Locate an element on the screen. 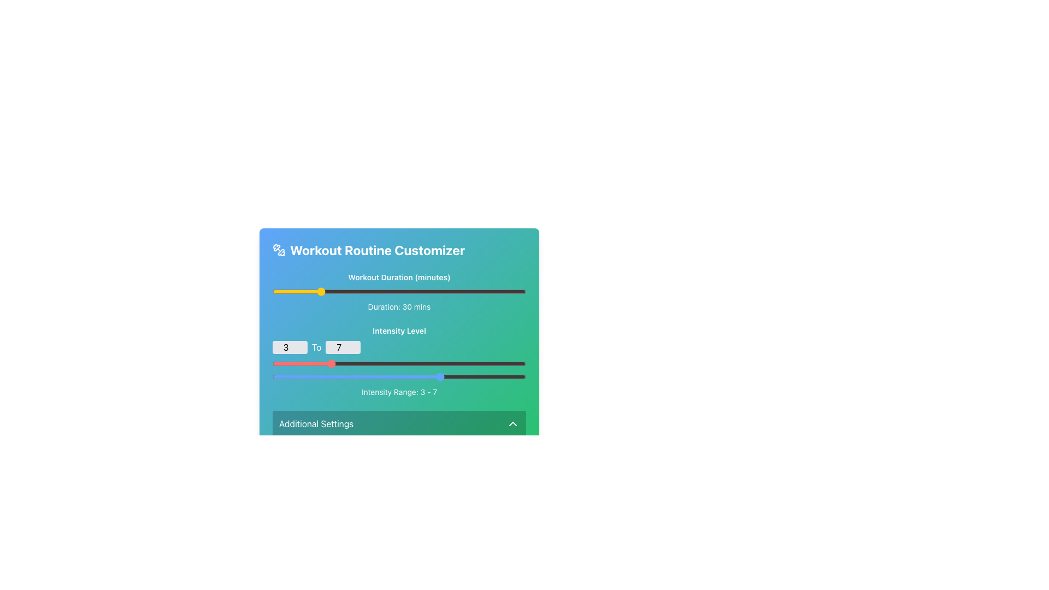  workout duration is located at coordinates (341, 291).